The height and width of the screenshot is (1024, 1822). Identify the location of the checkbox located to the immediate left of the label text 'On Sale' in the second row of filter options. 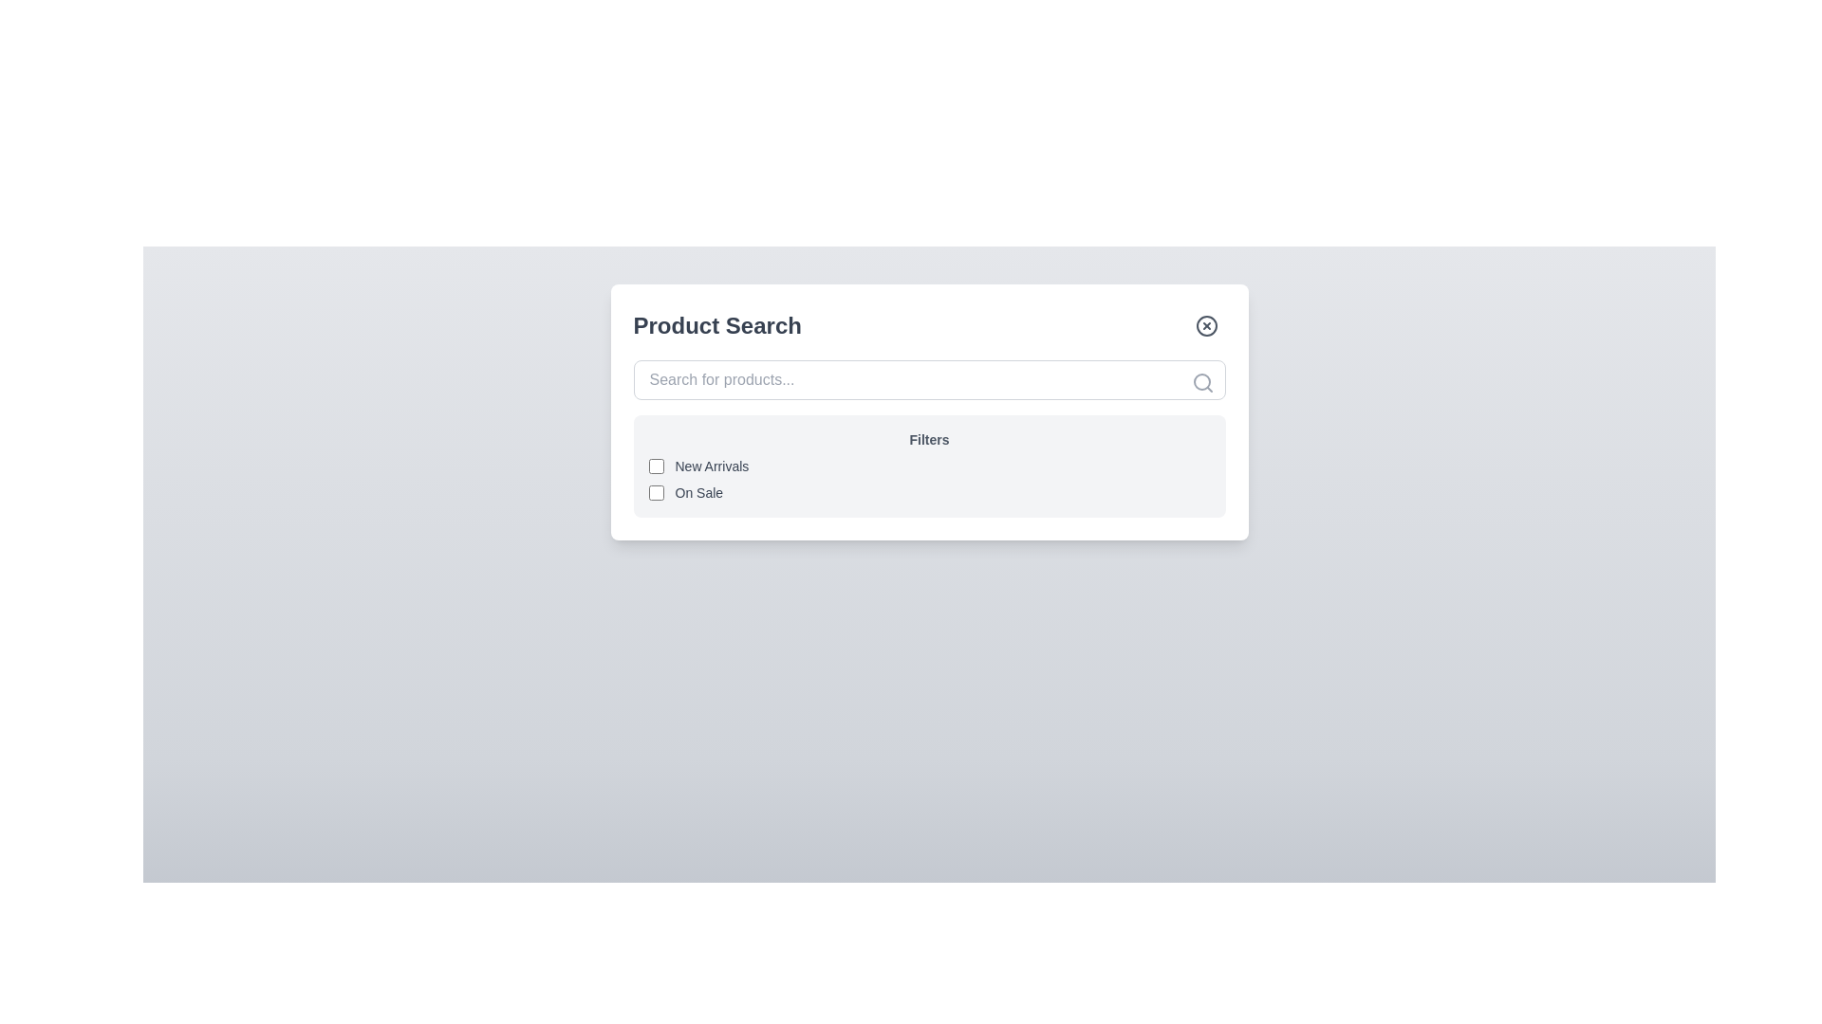
(656, 492).